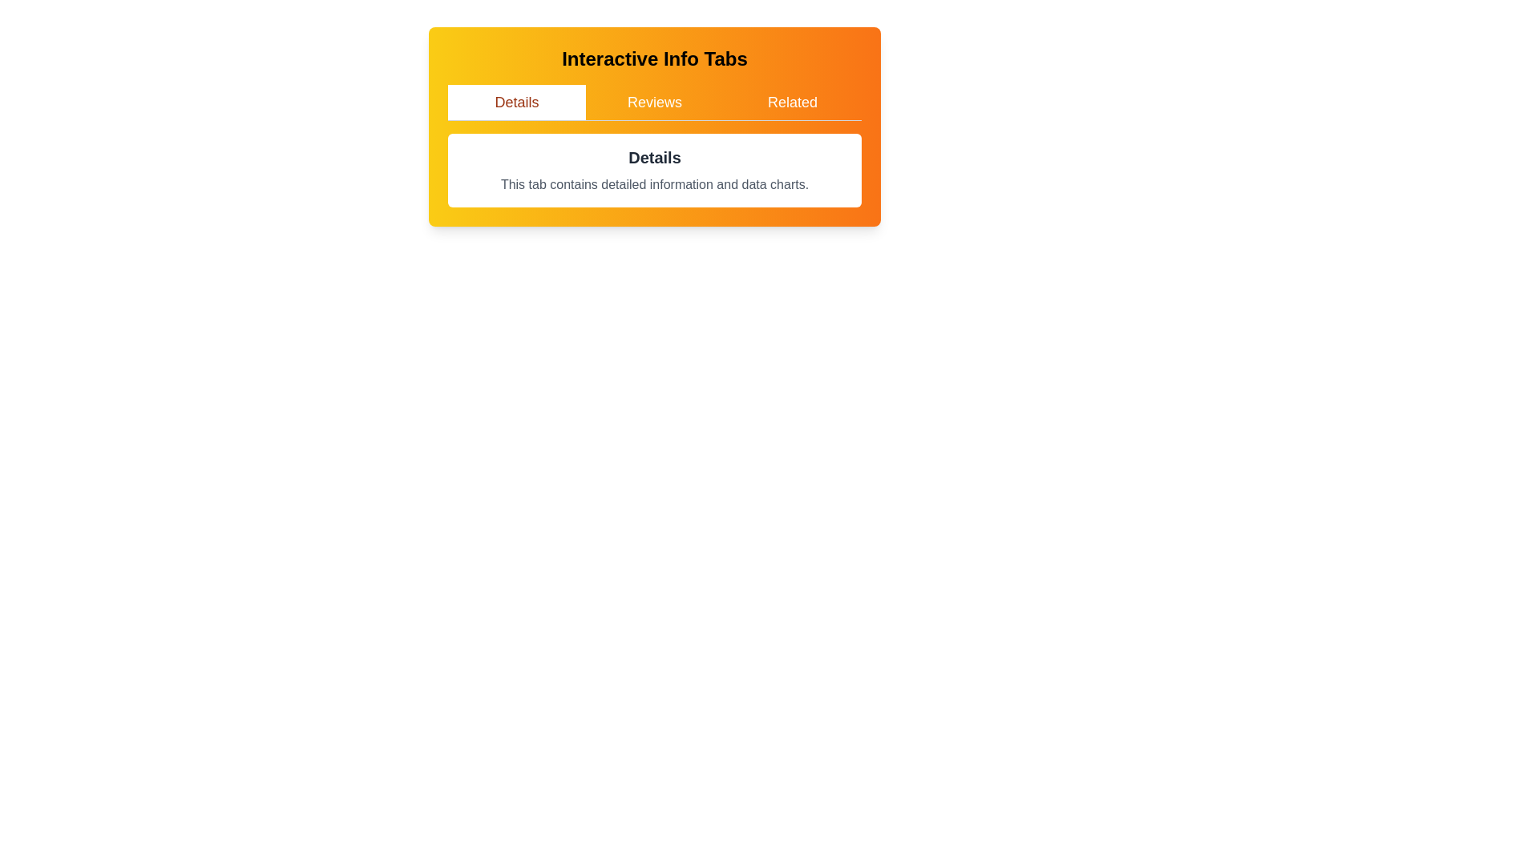  I want to click on the tab labeled 'Related' to observe its hover effect, so click(792, 102).